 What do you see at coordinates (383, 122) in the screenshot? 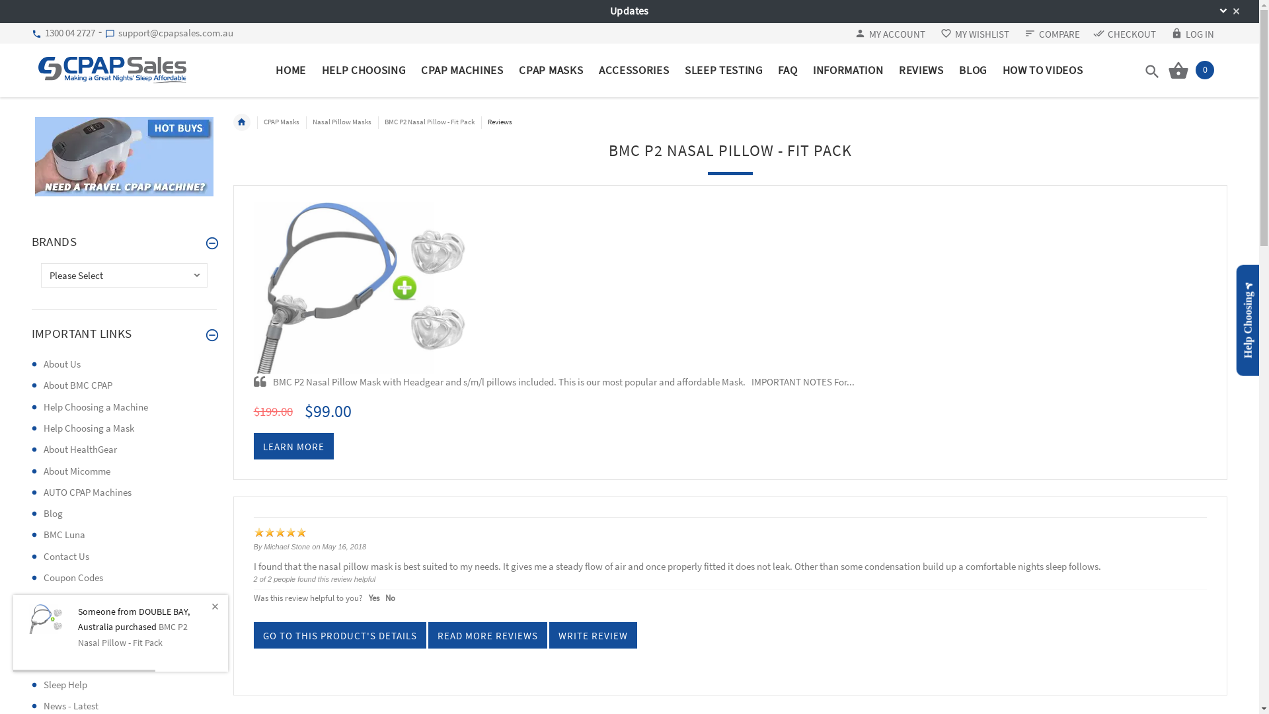
I see `'BMC P2 Nasal Pillow - Fit Pack'` at bounding box center [383, 122].